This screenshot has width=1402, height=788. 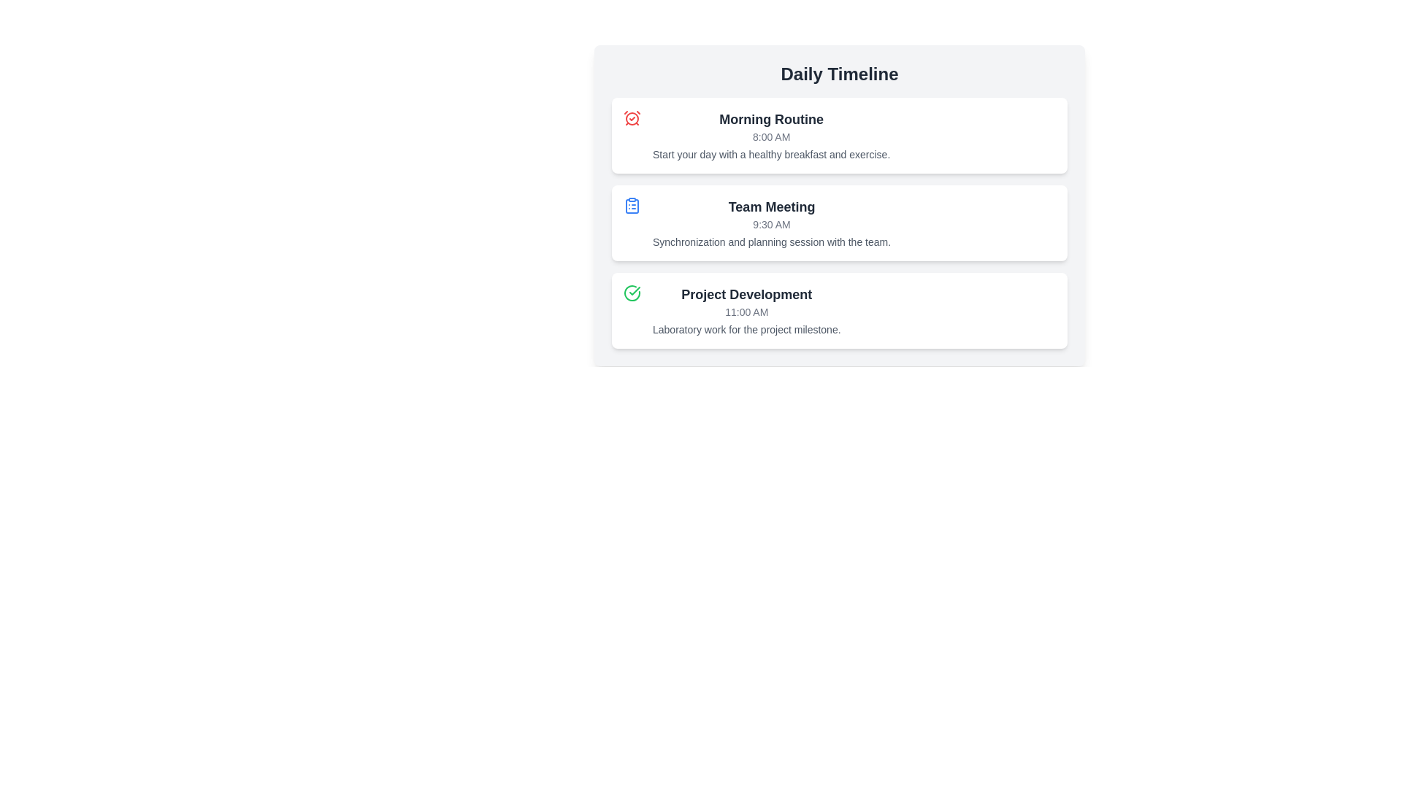 What do you see at coordinates (632, 293) in the screenshot?
I see `the larger circular segment within the green circular icon with a check mark, located beside the 'Project Development' entry in the 'Daily Timeline'` at bounding box center [632, 293].